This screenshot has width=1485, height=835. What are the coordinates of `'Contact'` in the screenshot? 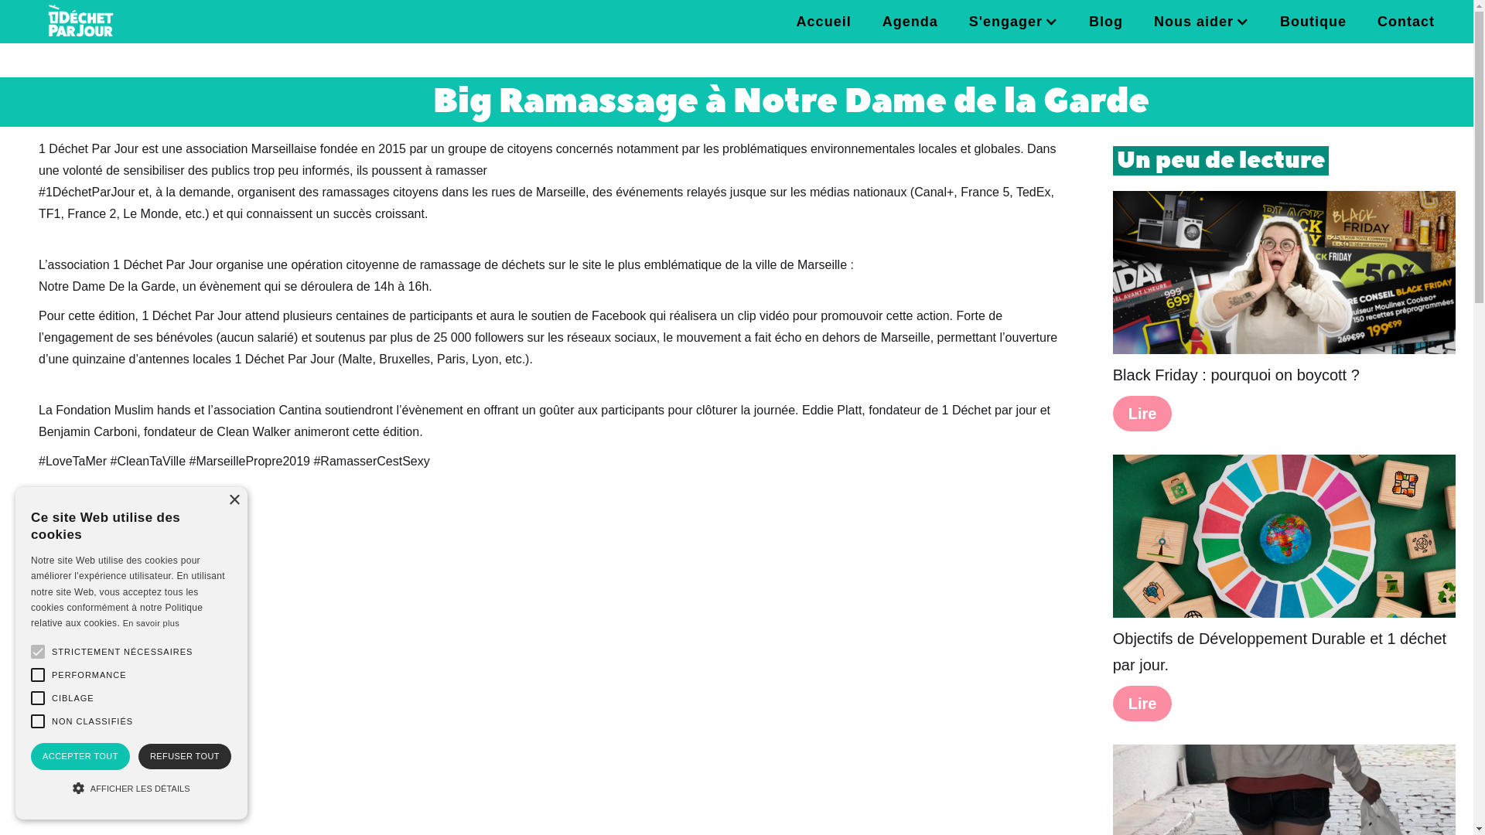 It's located at (1406, 21).